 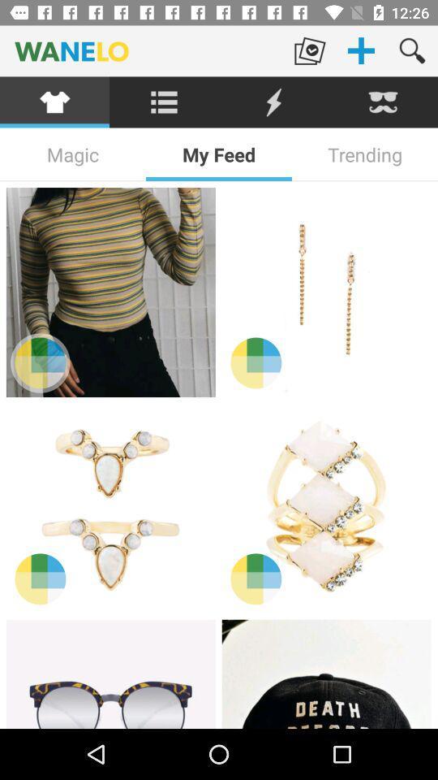 What do you see at coordinates (383, 102) in the screenshot?
I see `item above trending item` at bounding box center [383, 102].